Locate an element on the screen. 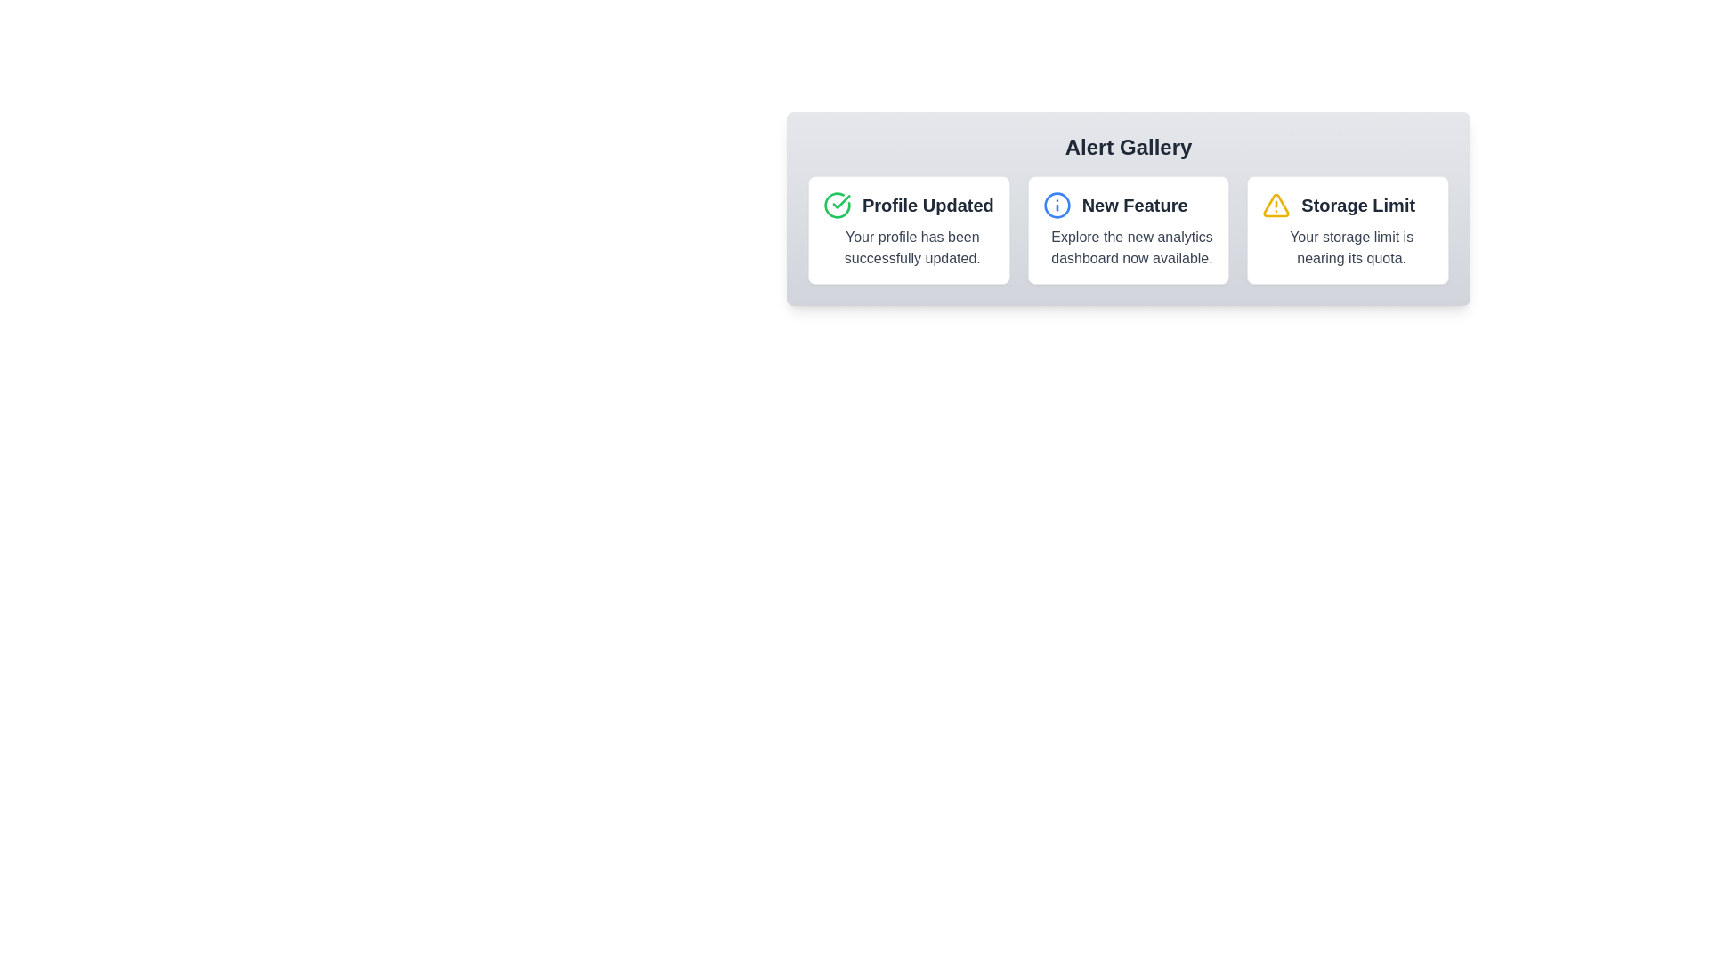  the text label or accompanying icon in the second card of the Alert Gallery section, which is positioned above the subtitle 'Explore the new analytics dashboard now available.' is located at coordinates (1127, 205).